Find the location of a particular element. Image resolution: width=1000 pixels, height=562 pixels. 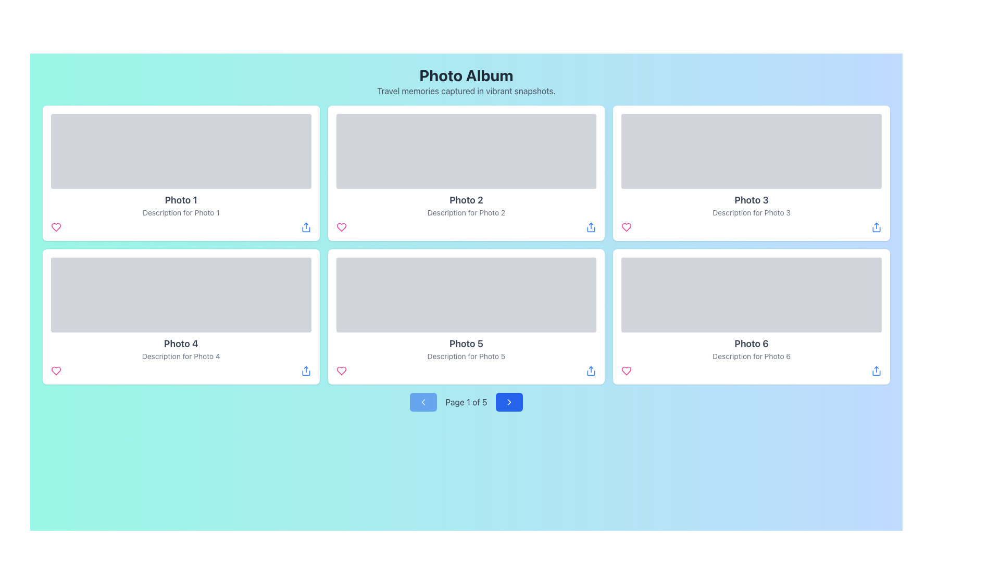

the pink heart icon button located in the bottom left corner of the 'Photo 3' card is located at coordinates (626, 226).